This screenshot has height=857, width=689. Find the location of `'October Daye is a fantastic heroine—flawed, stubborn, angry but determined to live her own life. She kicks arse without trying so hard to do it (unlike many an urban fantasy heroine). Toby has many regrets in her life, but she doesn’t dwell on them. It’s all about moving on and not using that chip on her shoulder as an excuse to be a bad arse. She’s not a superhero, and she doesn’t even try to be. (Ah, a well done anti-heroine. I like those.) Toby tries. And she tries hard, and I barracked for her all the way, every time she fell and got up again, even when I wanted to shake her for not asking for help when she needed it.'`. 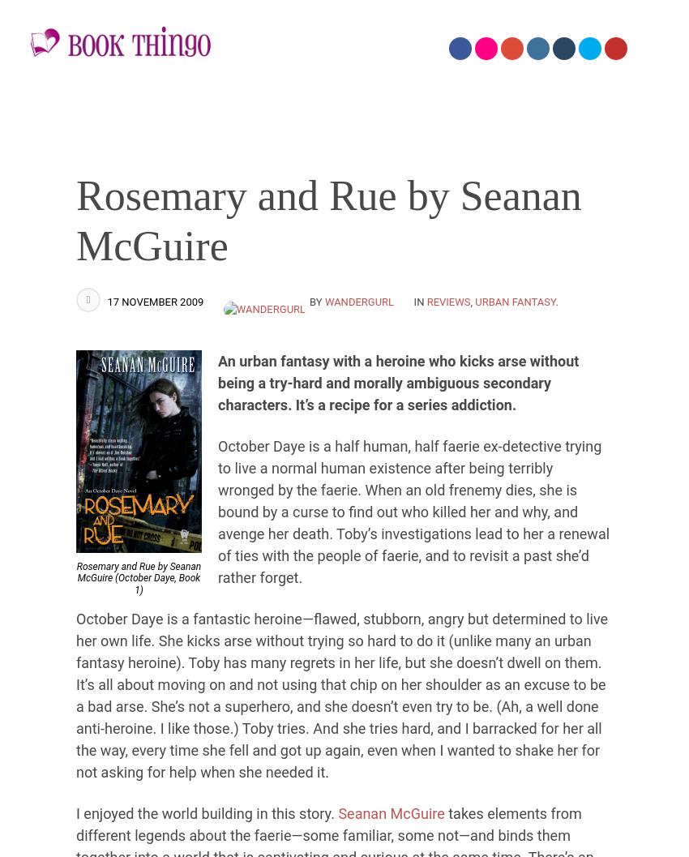

'October Daye is a fantastic heroine—flawed, stubborn, angry but determined to live her own life. She kicks arse without trying so hard to do it (unlike many an urban fantasy heroine). Toby has many regrets in her life, but she doesn’t dwell on them. It’s all about moving on and not using that chip on her shoulder as an excuse to be a bad arse. She’s not a superhero, and she doesn’t even try to be. (Ah, a well done anti-heroine. I like those.) Toby tries. And she tries hard, and I barracked for her all the way, every time she fell and got up again, even when I wanted to shake her for not asking for help when she needed it.' is located at coordinates (342, 694).